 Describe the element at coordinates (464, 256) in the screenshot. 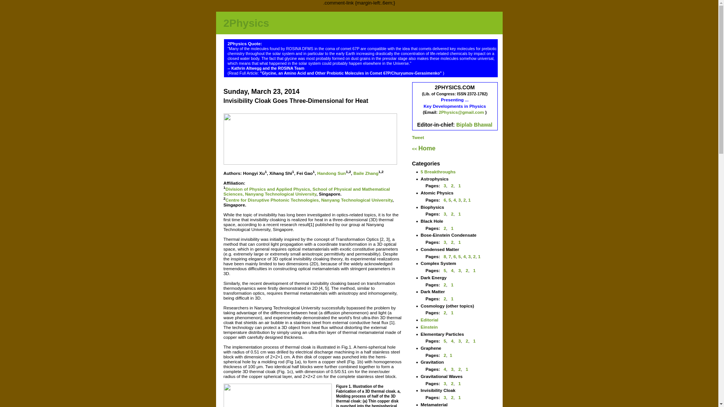

I see `'4'` at that location.